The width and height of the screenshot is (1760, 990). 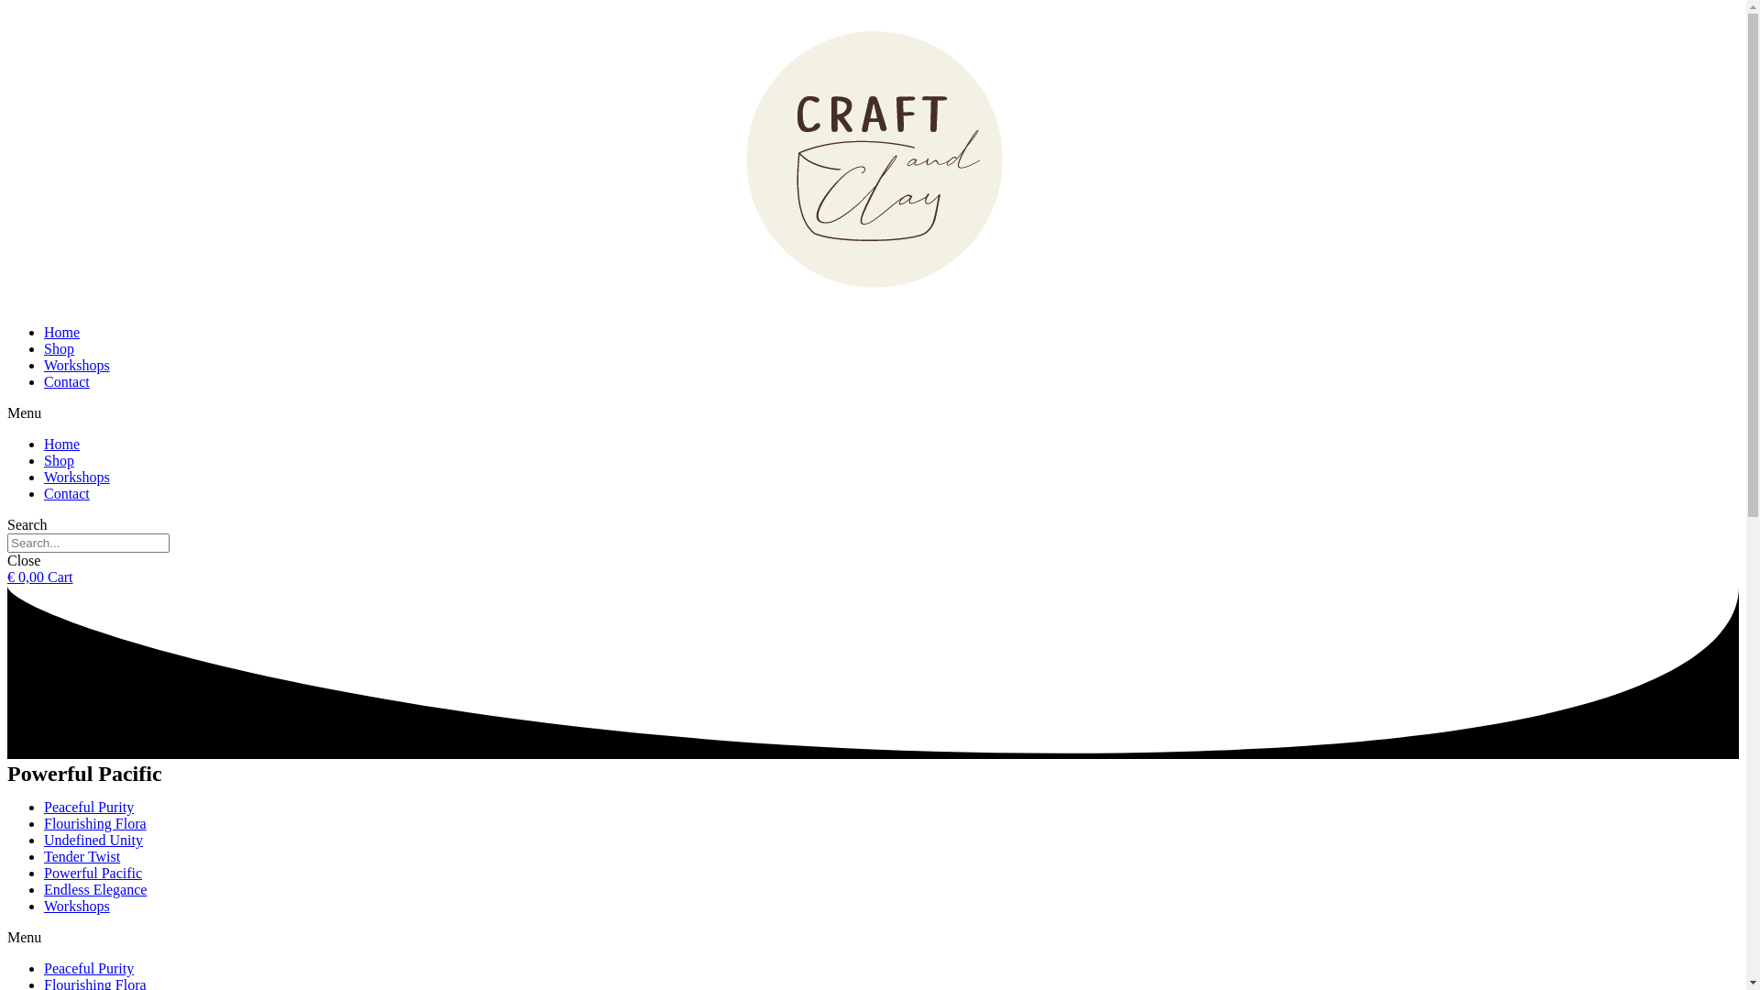 I want to click on 'Workshops', so click(x=75, y=476).